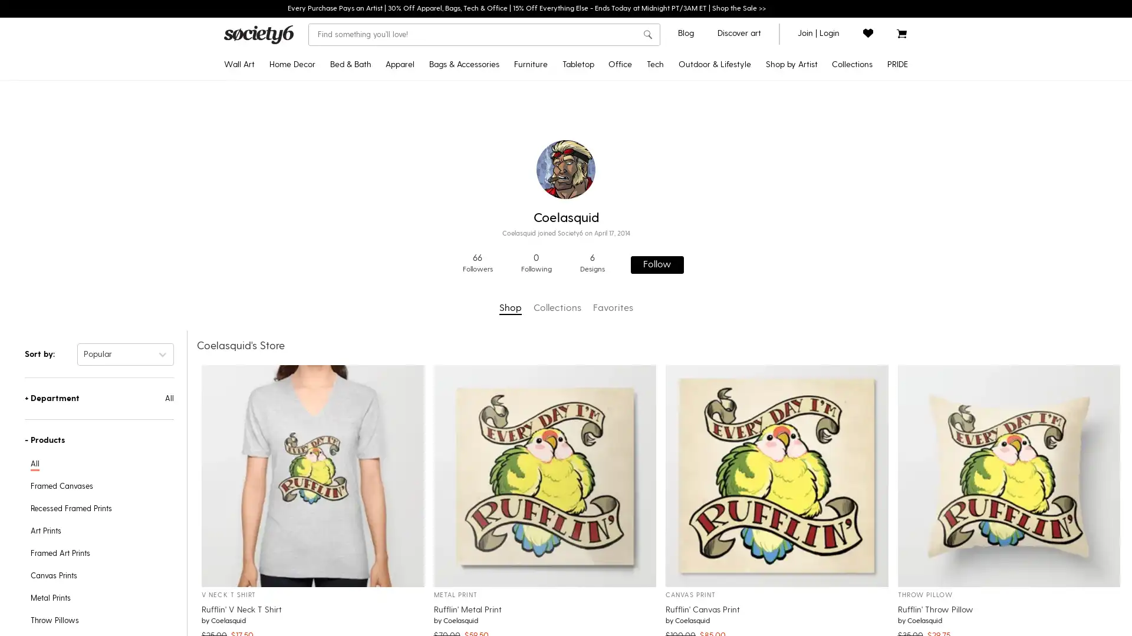 The image size is (1132, 636). Describe the element at coordinates (551, 94) in the screenshot. I see `Credenzas` at that location.